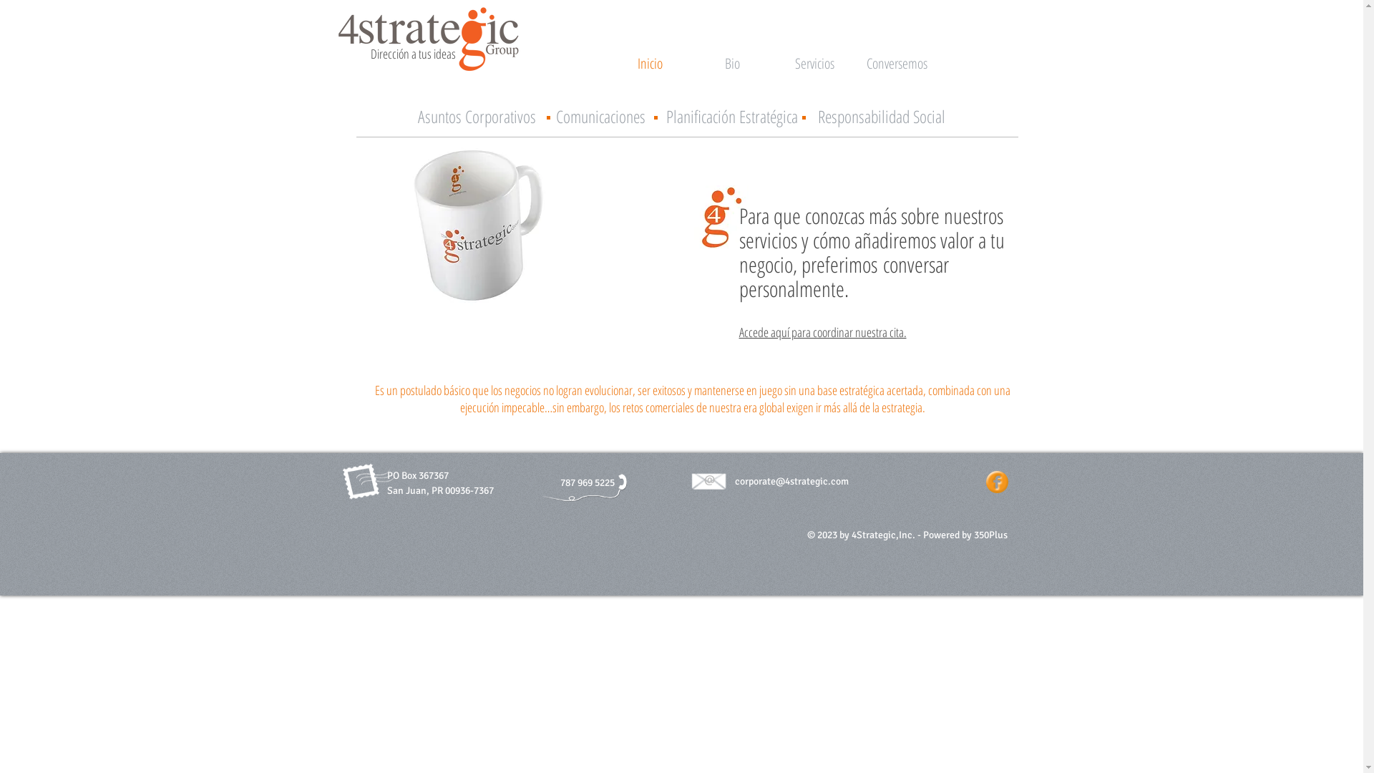  Describe the element at coordinates (814, 62) in the screenshot. I see `'Servicios'` at that location.